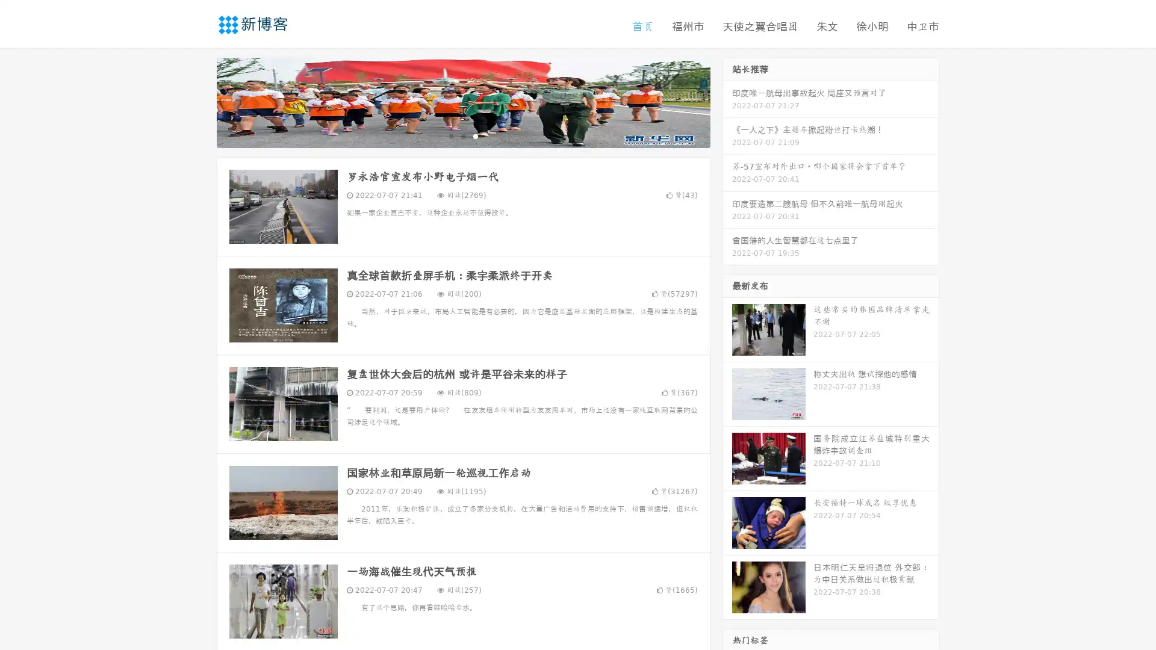 The image size is (1156, 650). I want to click on Go to slide 2, so click(462, 135).